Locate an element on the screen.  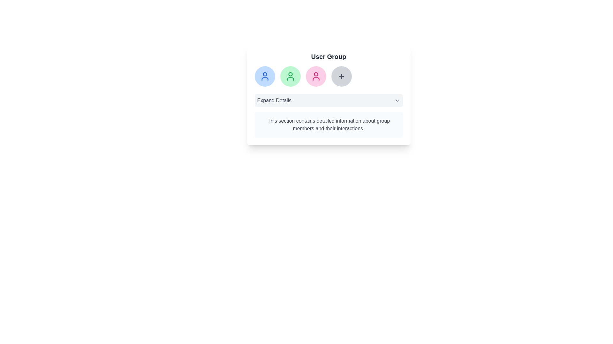
the pink-colored profile icon, which is the second icon from the right in a horizontal arrangement of four circular profile icons within the 'User Group' UI card is located at coordinates (316, 74).